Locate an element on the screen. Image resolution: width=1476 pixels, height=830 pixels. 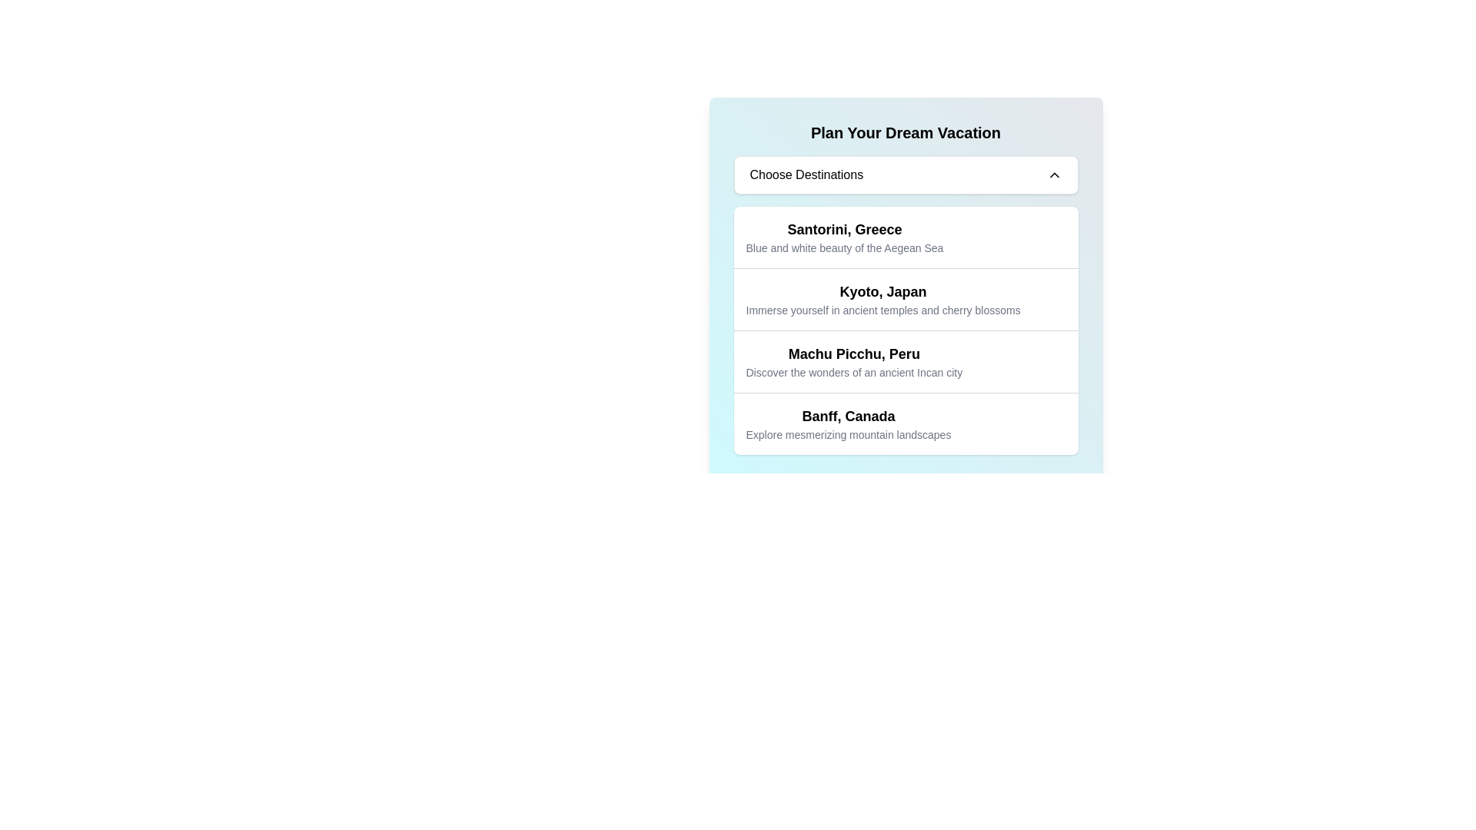
the descriptive text for 'Machu Picchu, Peru' located directly below the primary title text, which is the third item in the vertical list, to copy it is located at coordinates (853, 373).